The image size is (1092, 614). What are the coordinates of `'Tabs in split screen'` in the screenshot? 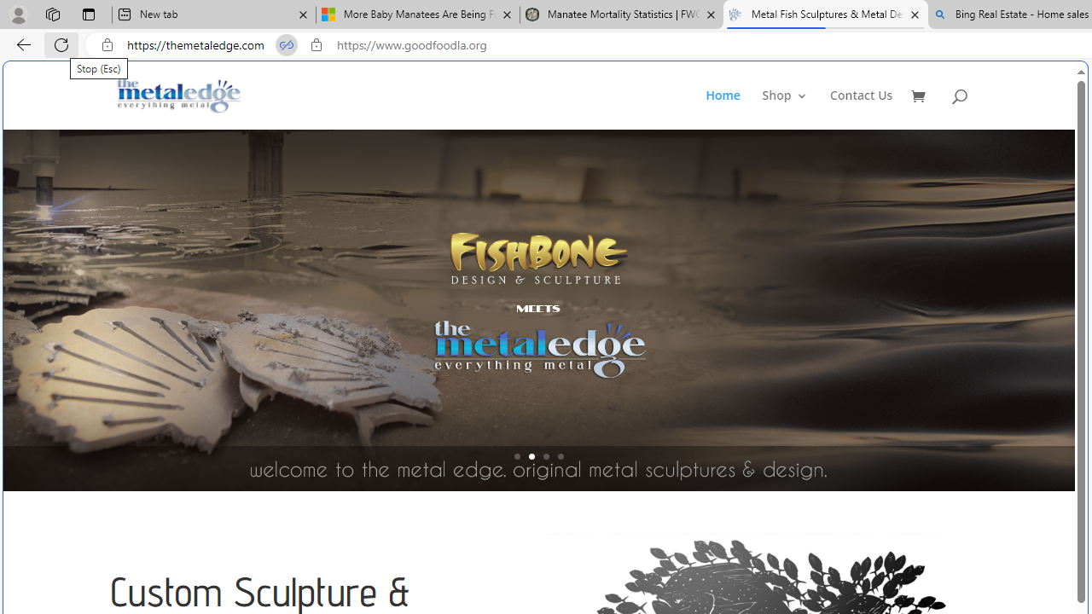 It's located at (287, 44).